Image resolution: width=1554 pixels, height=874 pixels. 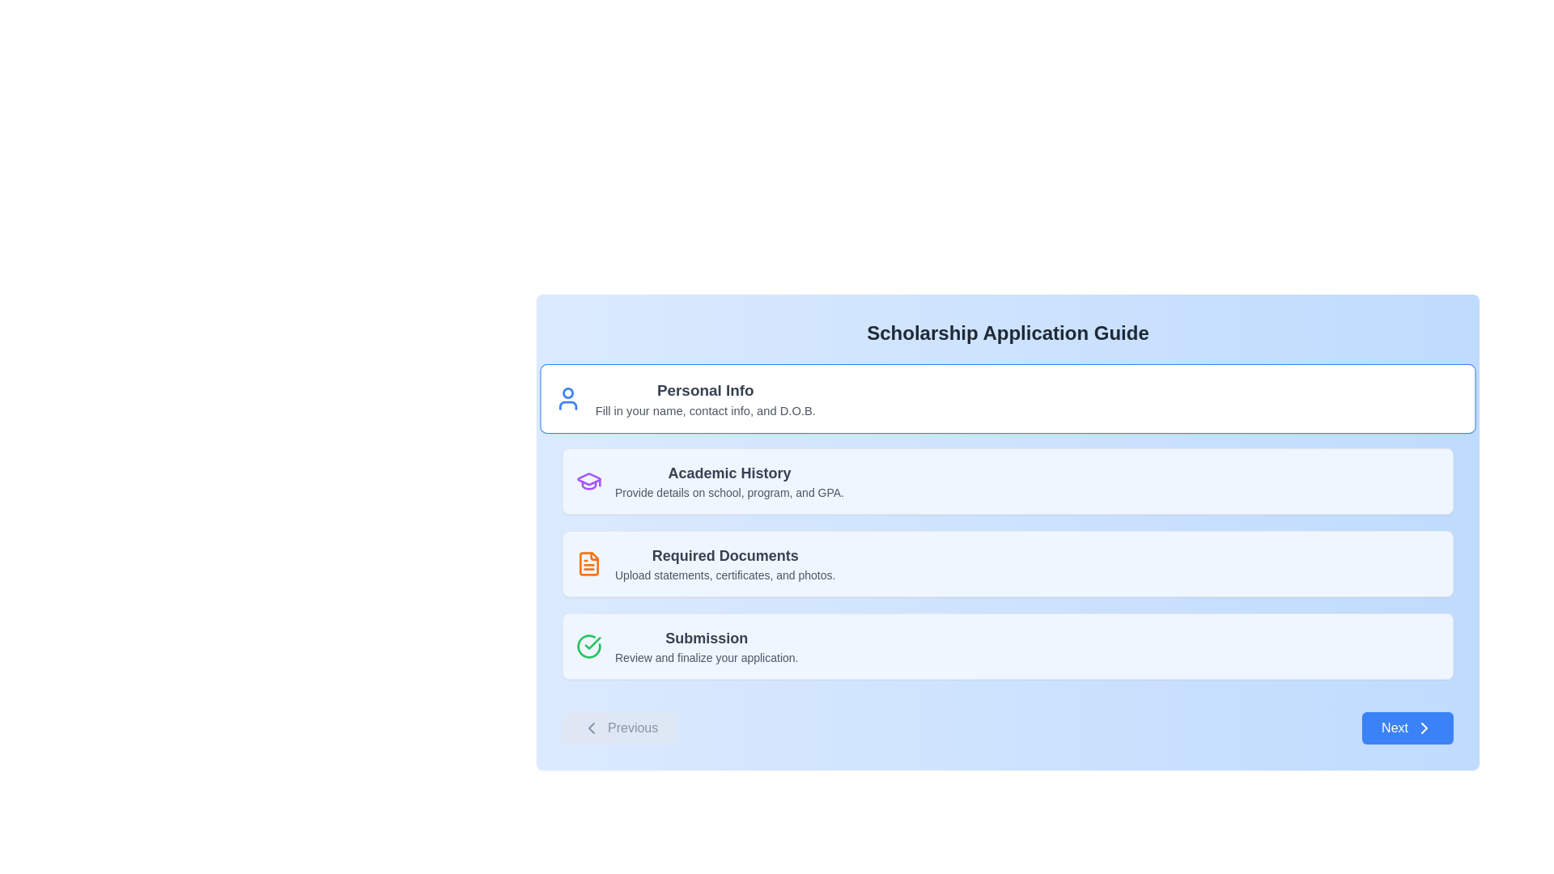 What do you see at coordinates (1007, 563) in the screenshot?
I see `contents of the informational card that guides users to upload required documents for the application process, which is the third card in a vertical list located between 'Academic History' and 'Submission'` at bounding box center [1007, 563].